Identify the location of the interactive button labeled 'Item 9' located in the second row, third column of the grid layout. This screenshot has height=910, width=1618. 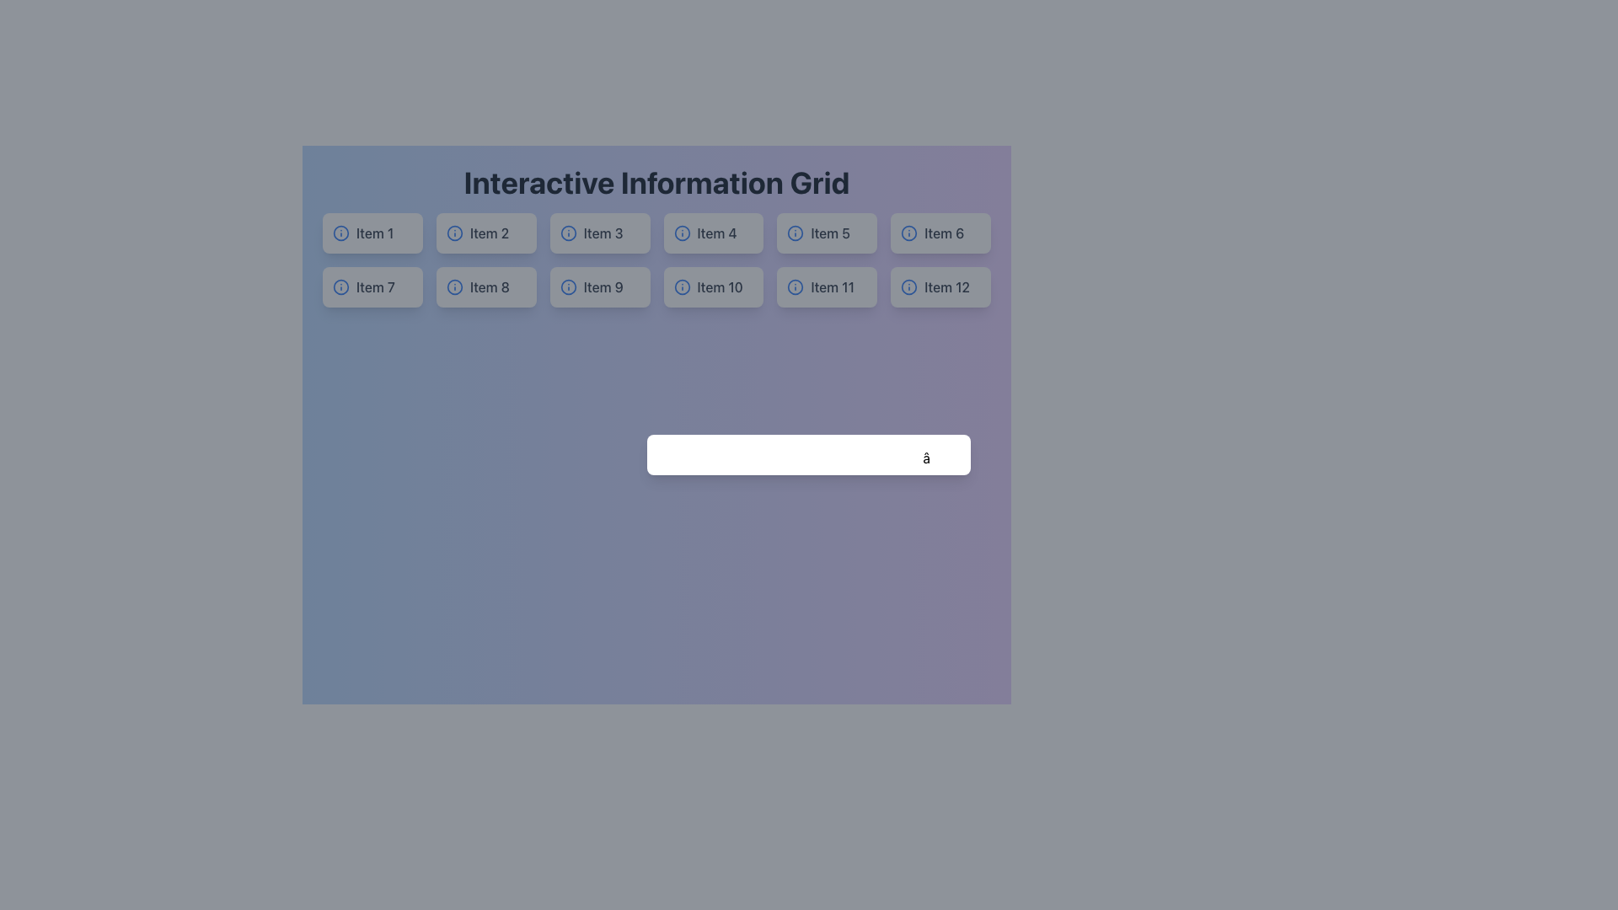
(600, 286).